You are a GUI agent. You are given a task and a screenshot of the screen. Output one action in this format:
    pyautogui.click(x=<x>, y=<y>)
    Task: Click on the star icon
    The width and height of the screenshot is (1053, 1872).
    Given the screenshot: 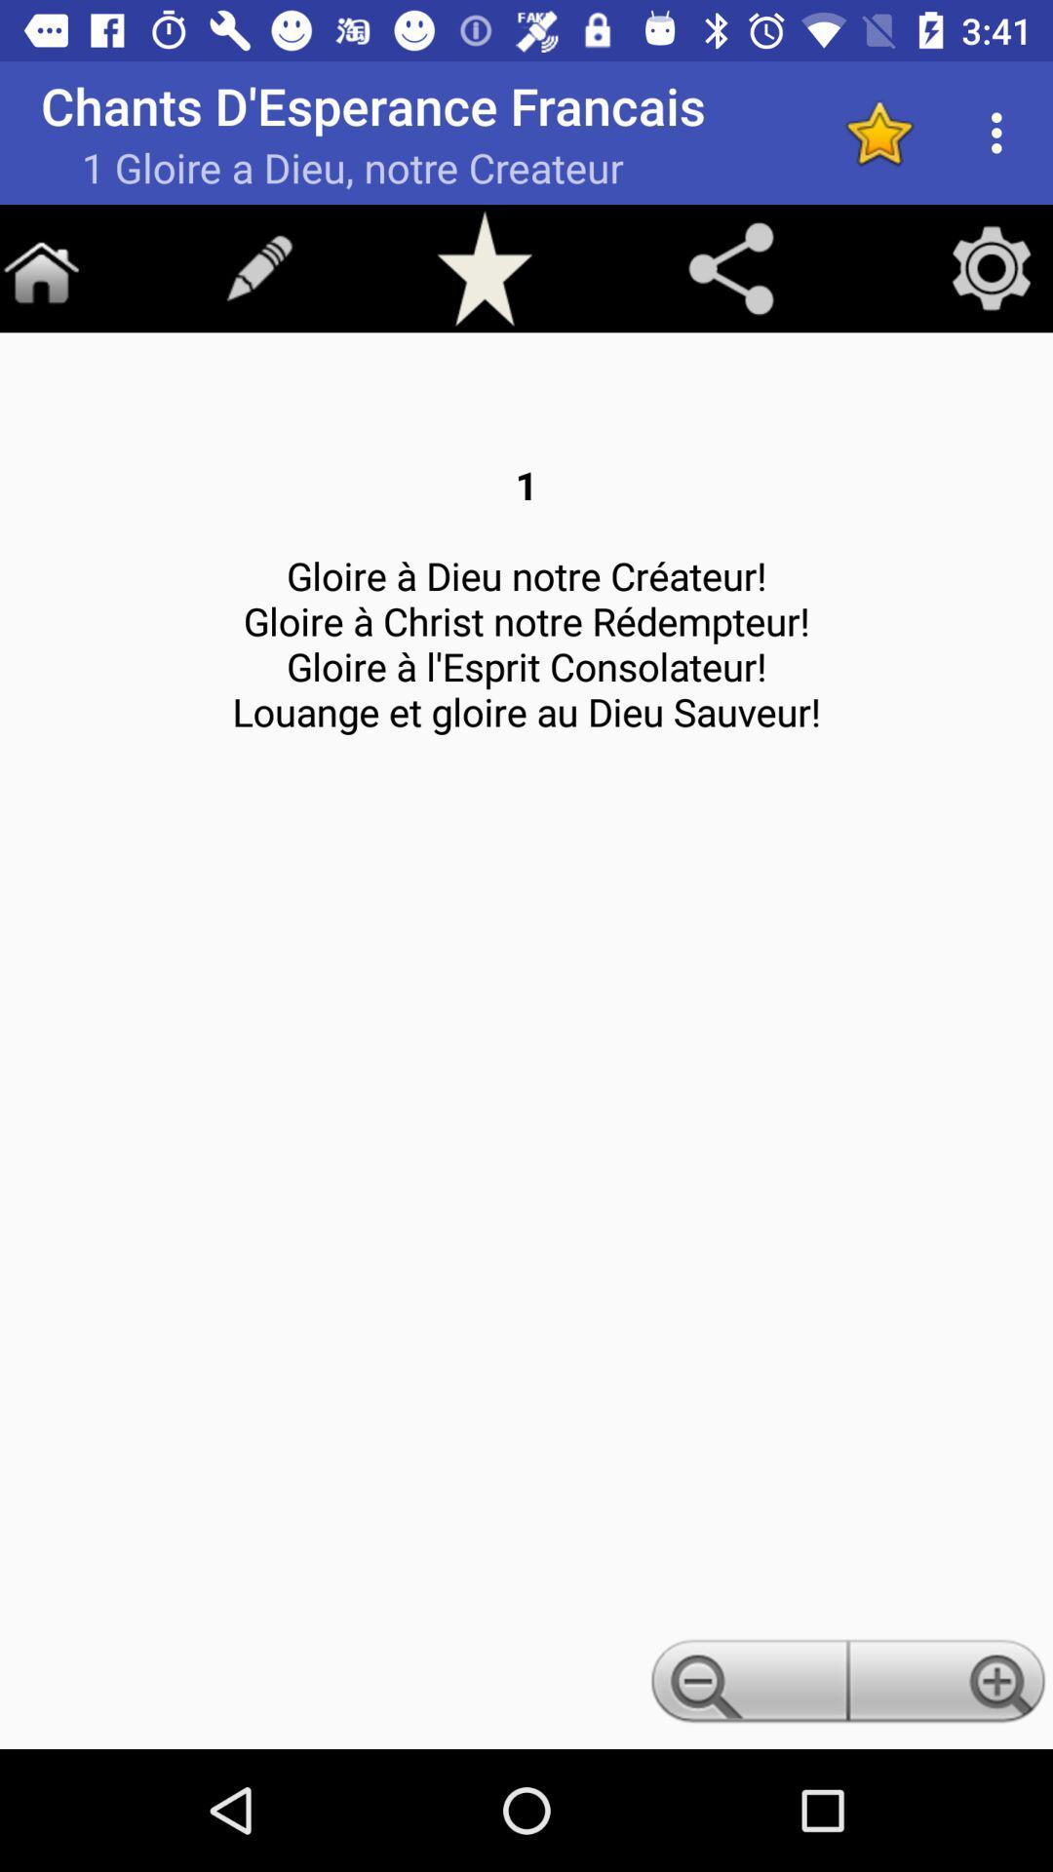 What is the action you would take?
    pyautogui.click(x=878, y=133)
    